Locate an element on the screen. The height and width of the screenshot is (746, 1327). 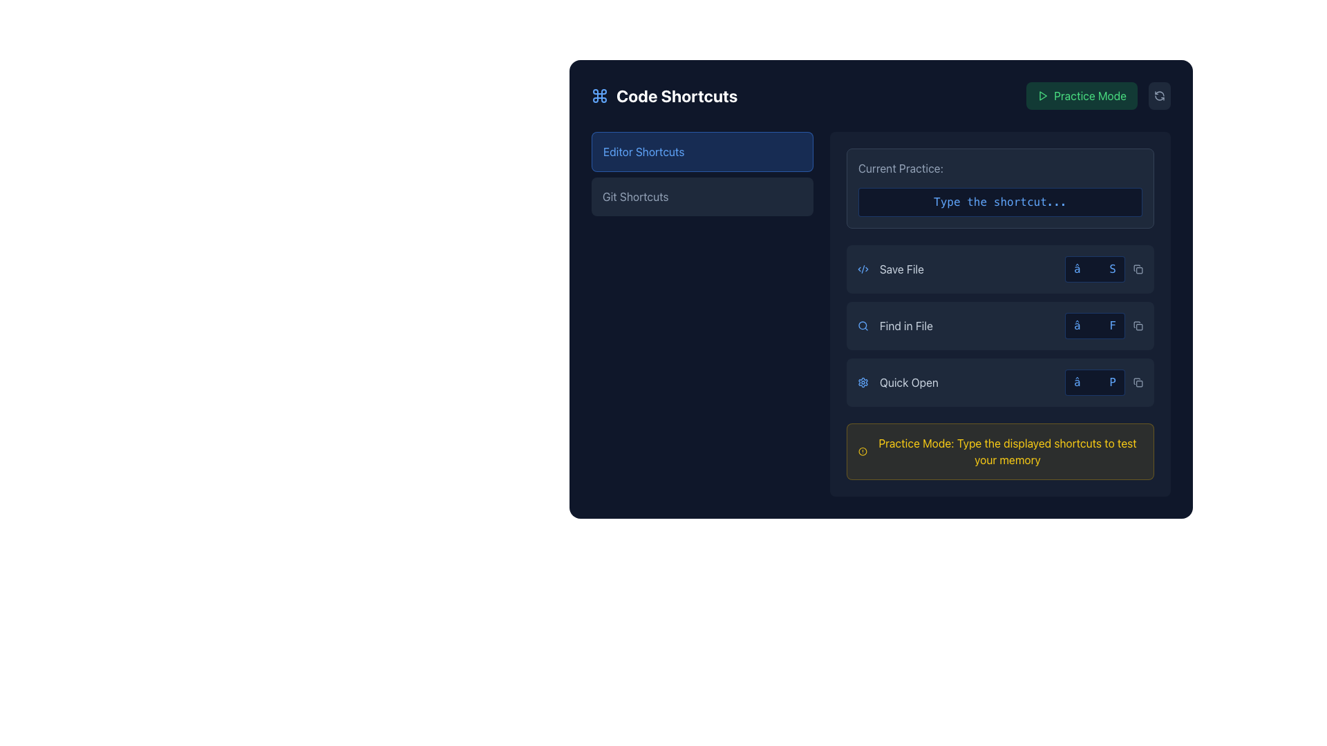
the 'Quick Open' button-like shortcut menu item for keyboard interactions is located at coordinates (1000, 383).